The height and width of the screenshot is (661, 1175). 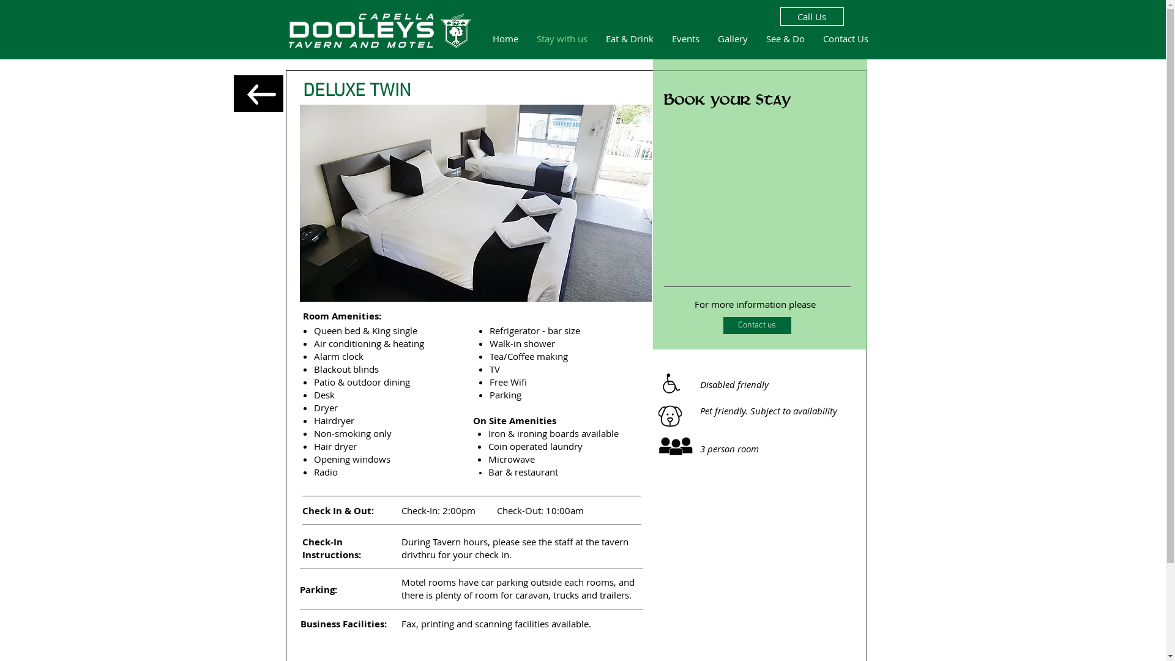 I want to click on 'Call Us', so click(x=811, y=17).